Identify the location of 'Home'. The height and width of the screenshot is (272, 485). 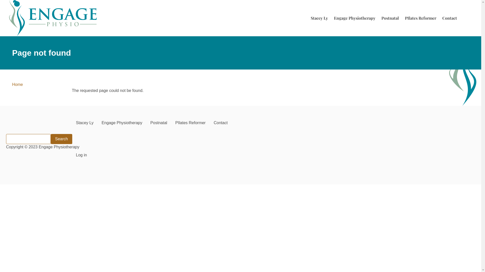
(53, 18).